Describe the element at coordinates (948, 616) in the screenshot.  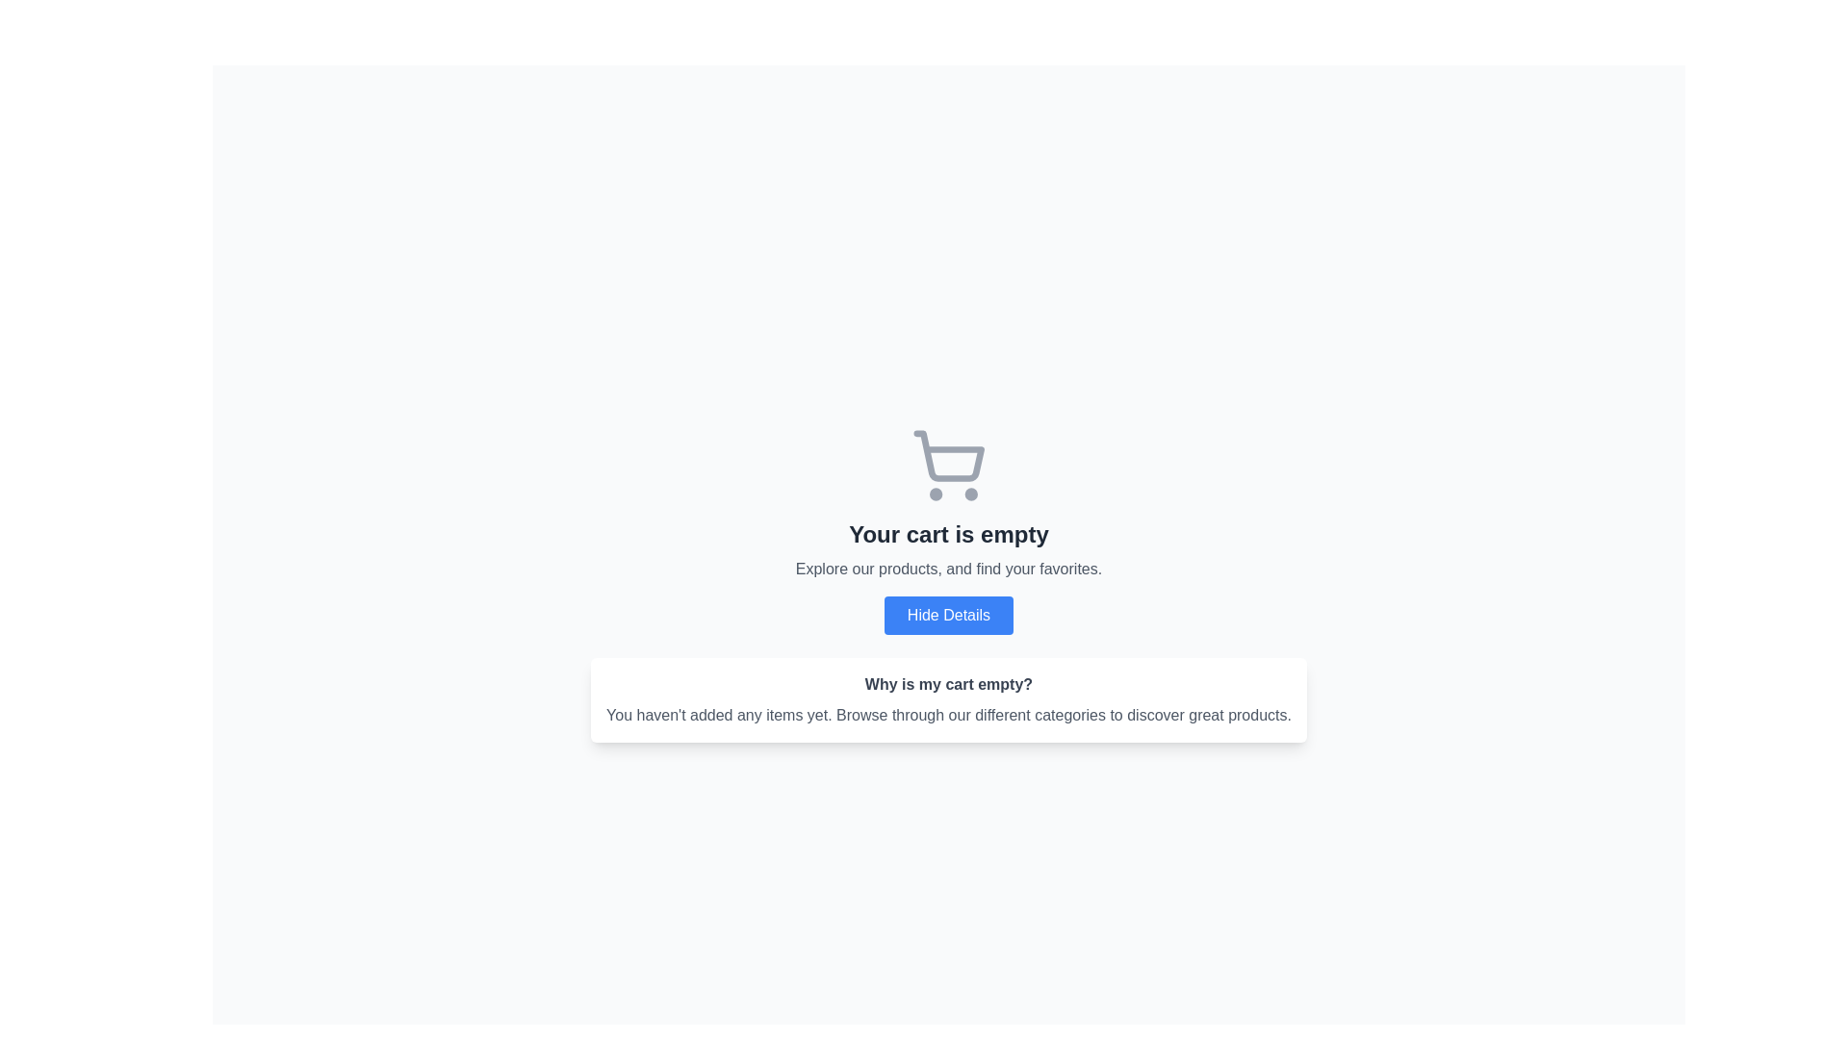
I see `the button that hides additional information, positioned below the text 'Explore our products, and find your favorites.' and above the section with 'Why is my cart empty?'` at that location.